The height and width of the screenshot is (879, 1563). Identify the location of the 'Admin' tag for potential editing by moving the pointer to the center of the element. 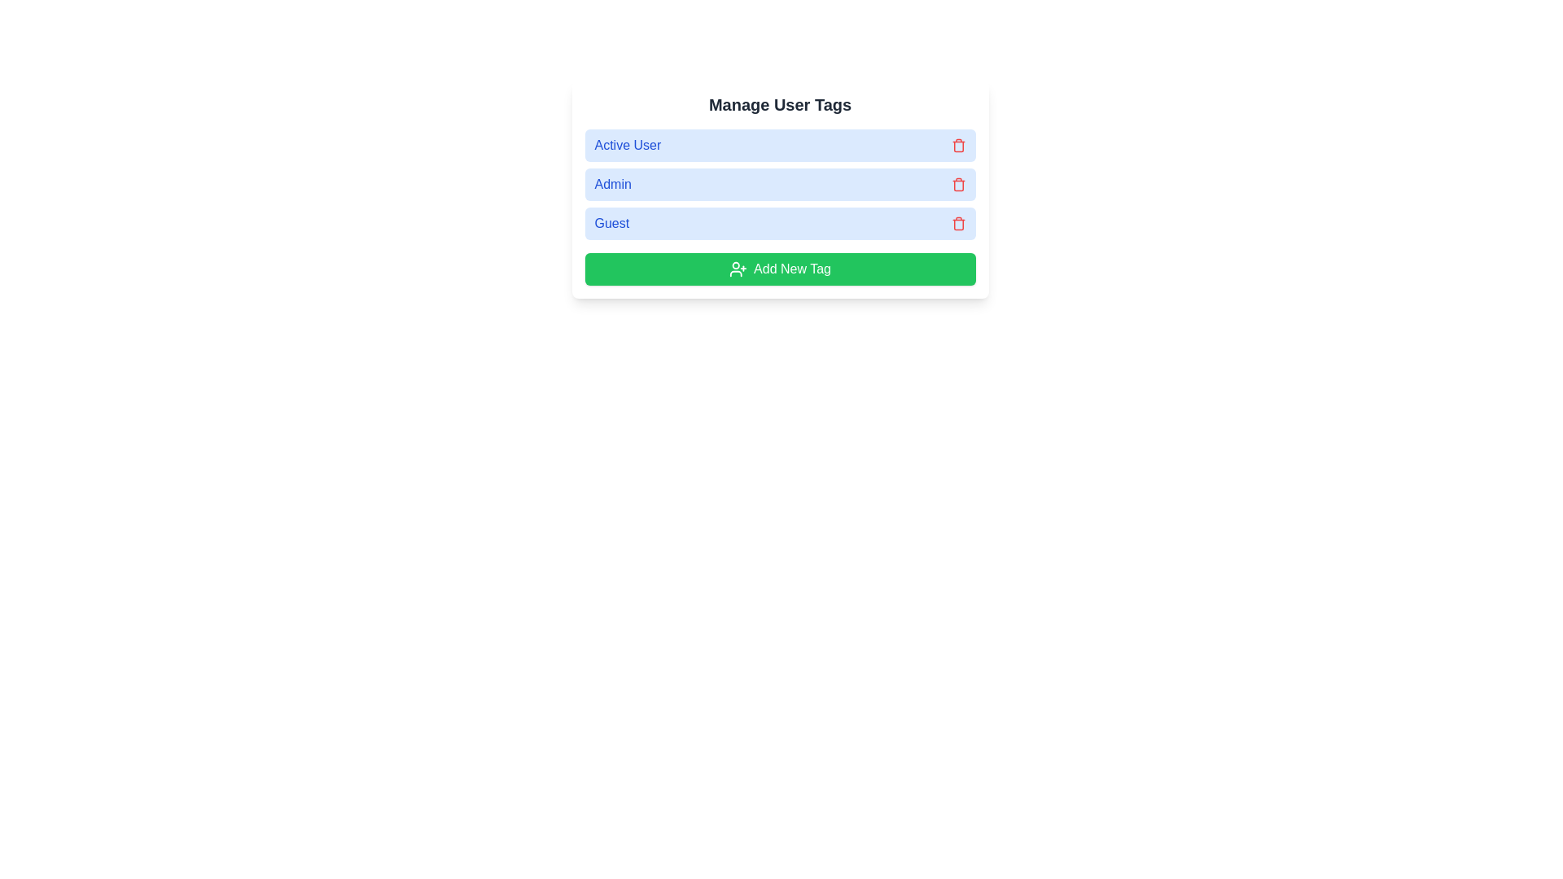
(779, 184).